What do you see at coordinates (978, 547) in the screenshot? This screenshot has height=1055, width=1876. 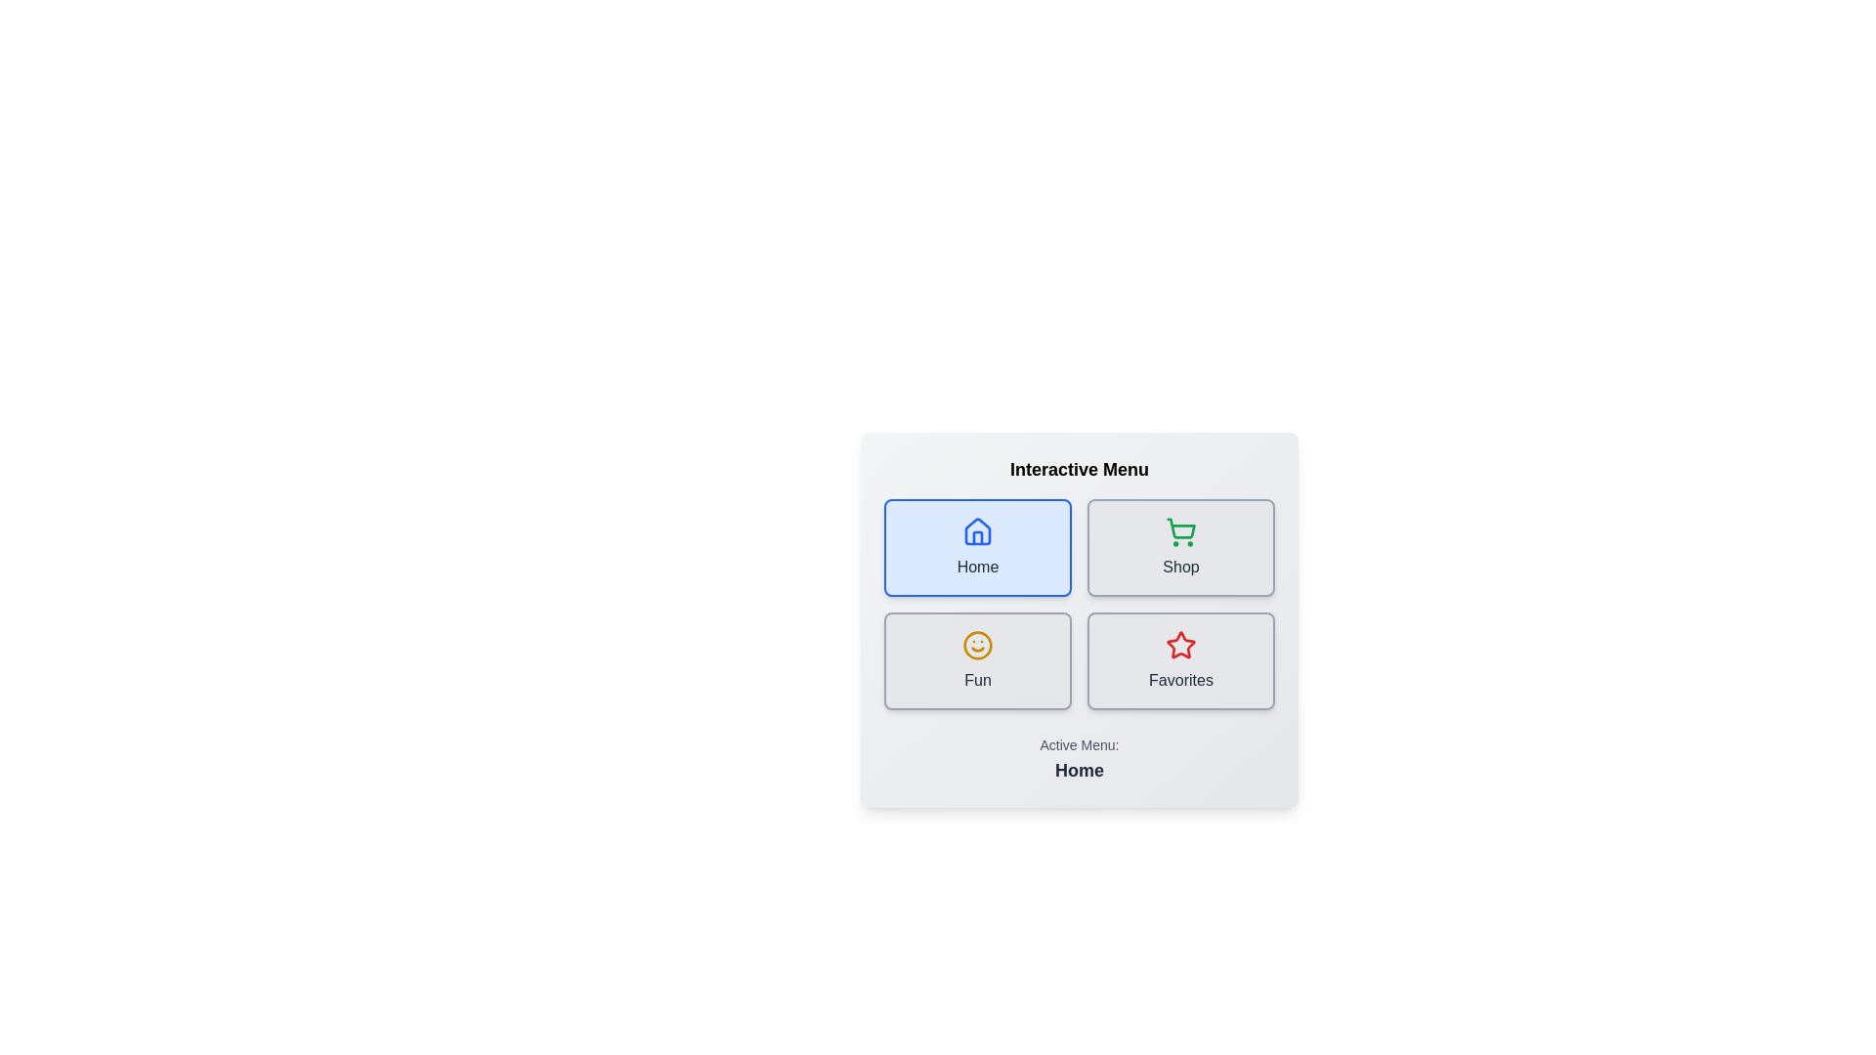 I see `the button labeled Home to observe the hover effect` at bounding box center [978, 547].